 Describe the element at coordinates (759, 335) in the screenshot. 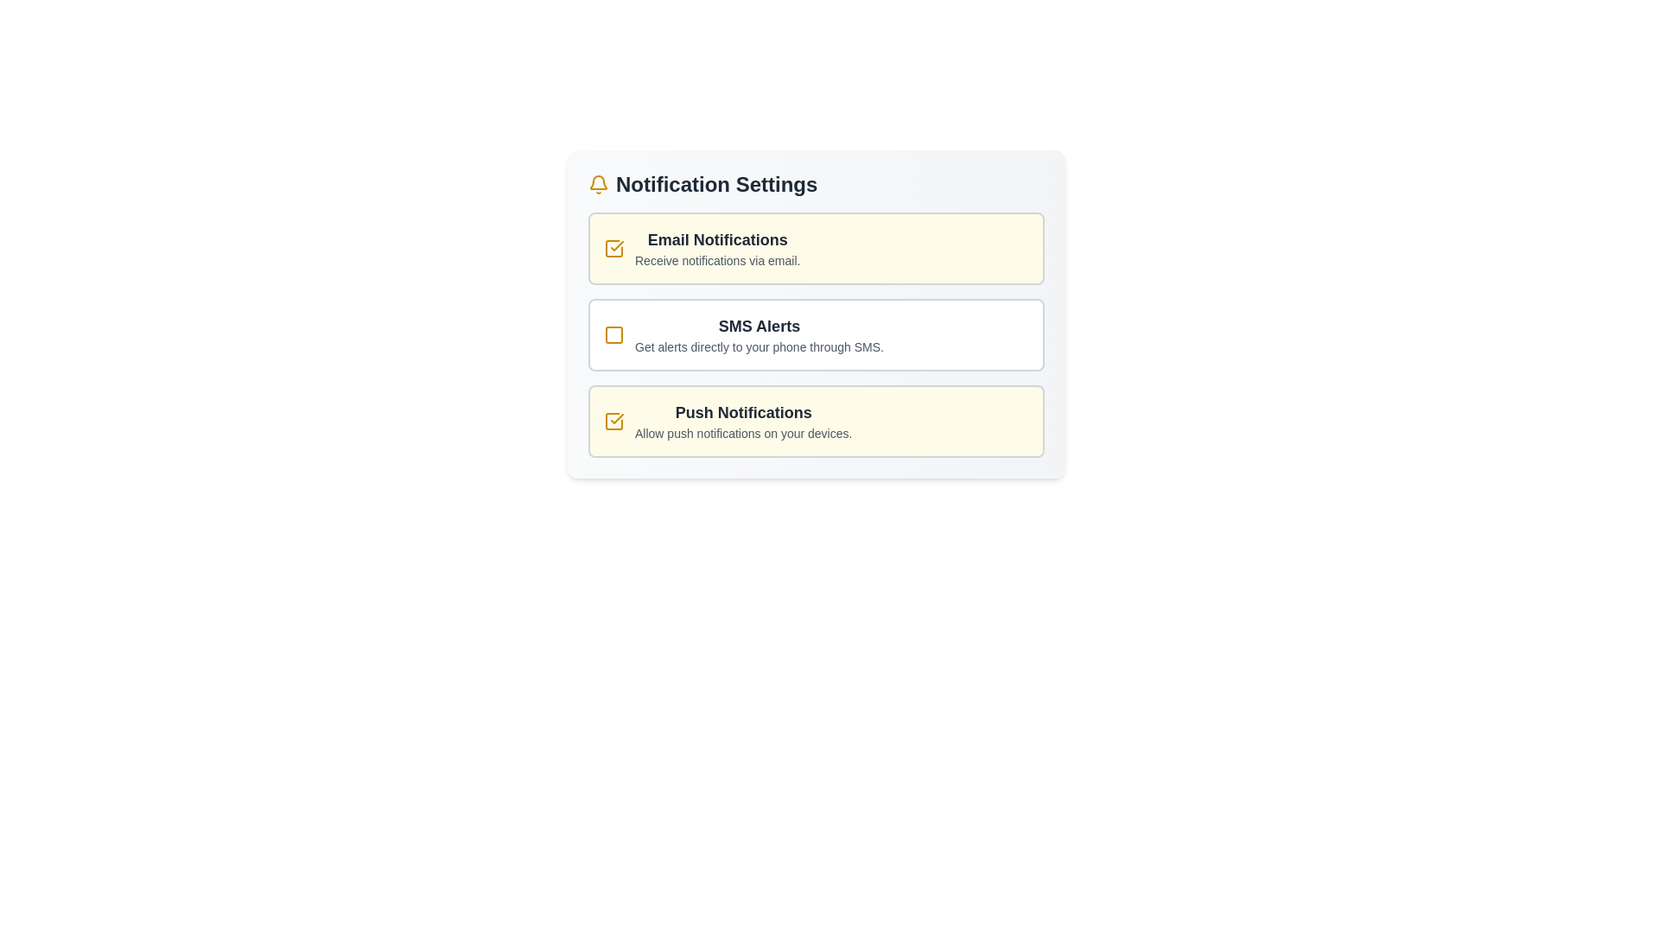

I see `the Informational text block titled 'SMS Alerts', which contains a bold title and a smaller description, located in the 'Notification Settings' group` at that location.